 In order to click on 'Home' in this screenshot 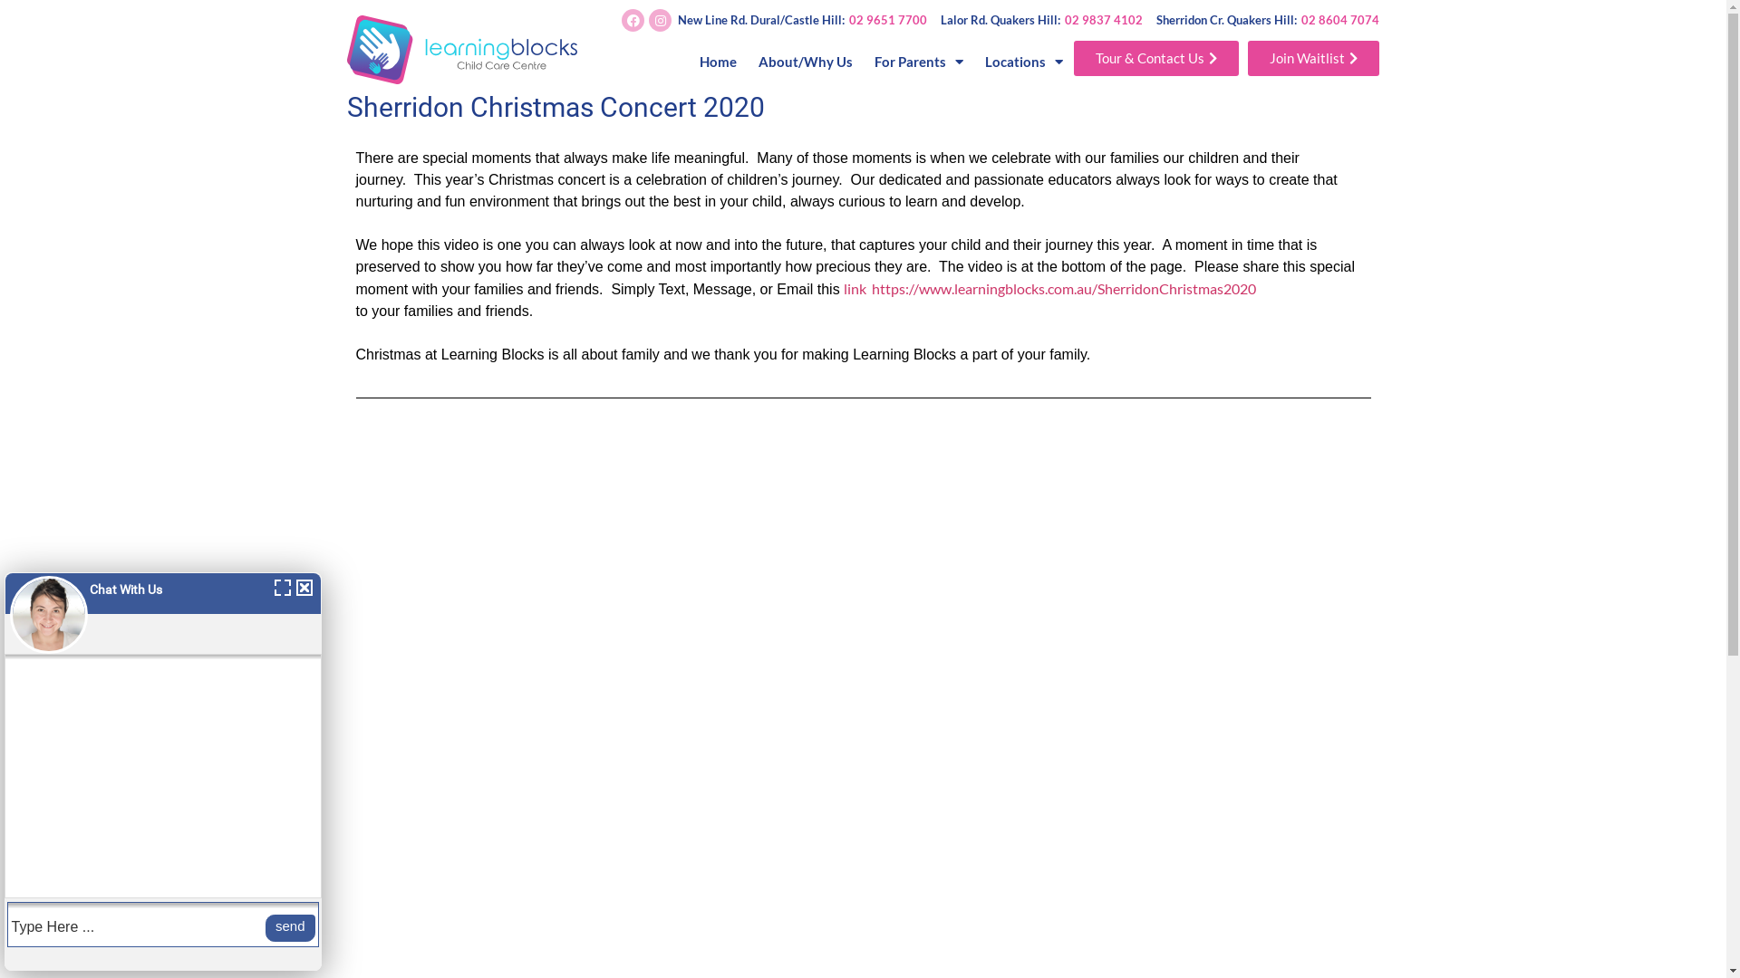, I will do `click(717, 61)`.